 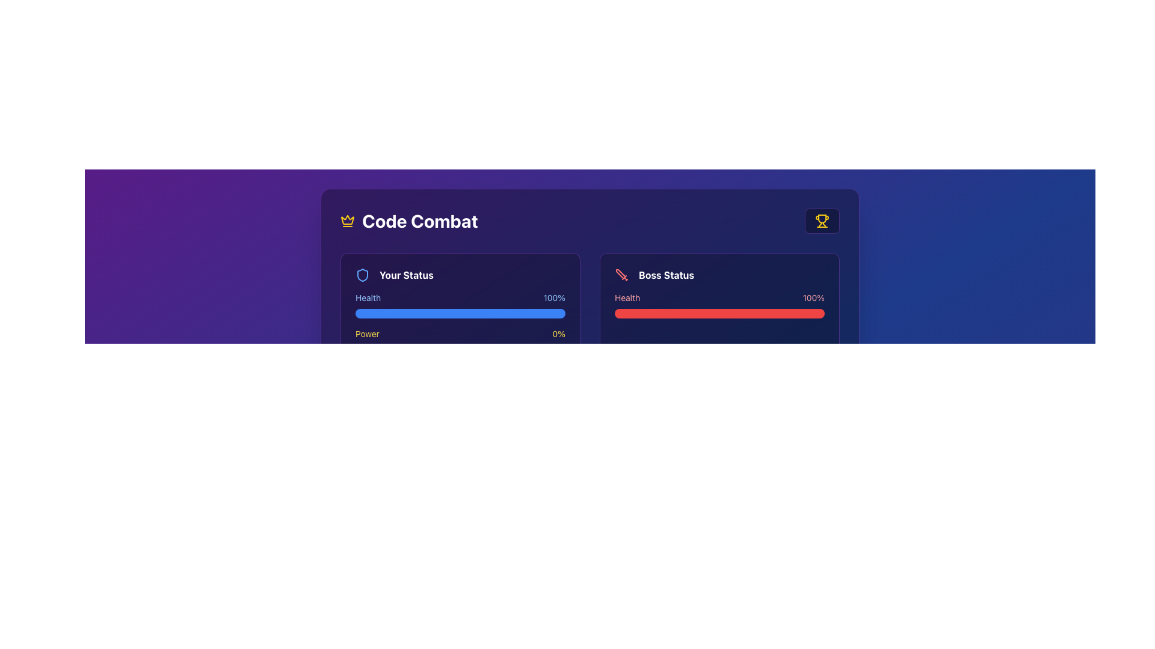 I want to click on the 'Health' label displaying '100%' in red hue, located within the 'Boss Status' section, so click(x=719, y=297).